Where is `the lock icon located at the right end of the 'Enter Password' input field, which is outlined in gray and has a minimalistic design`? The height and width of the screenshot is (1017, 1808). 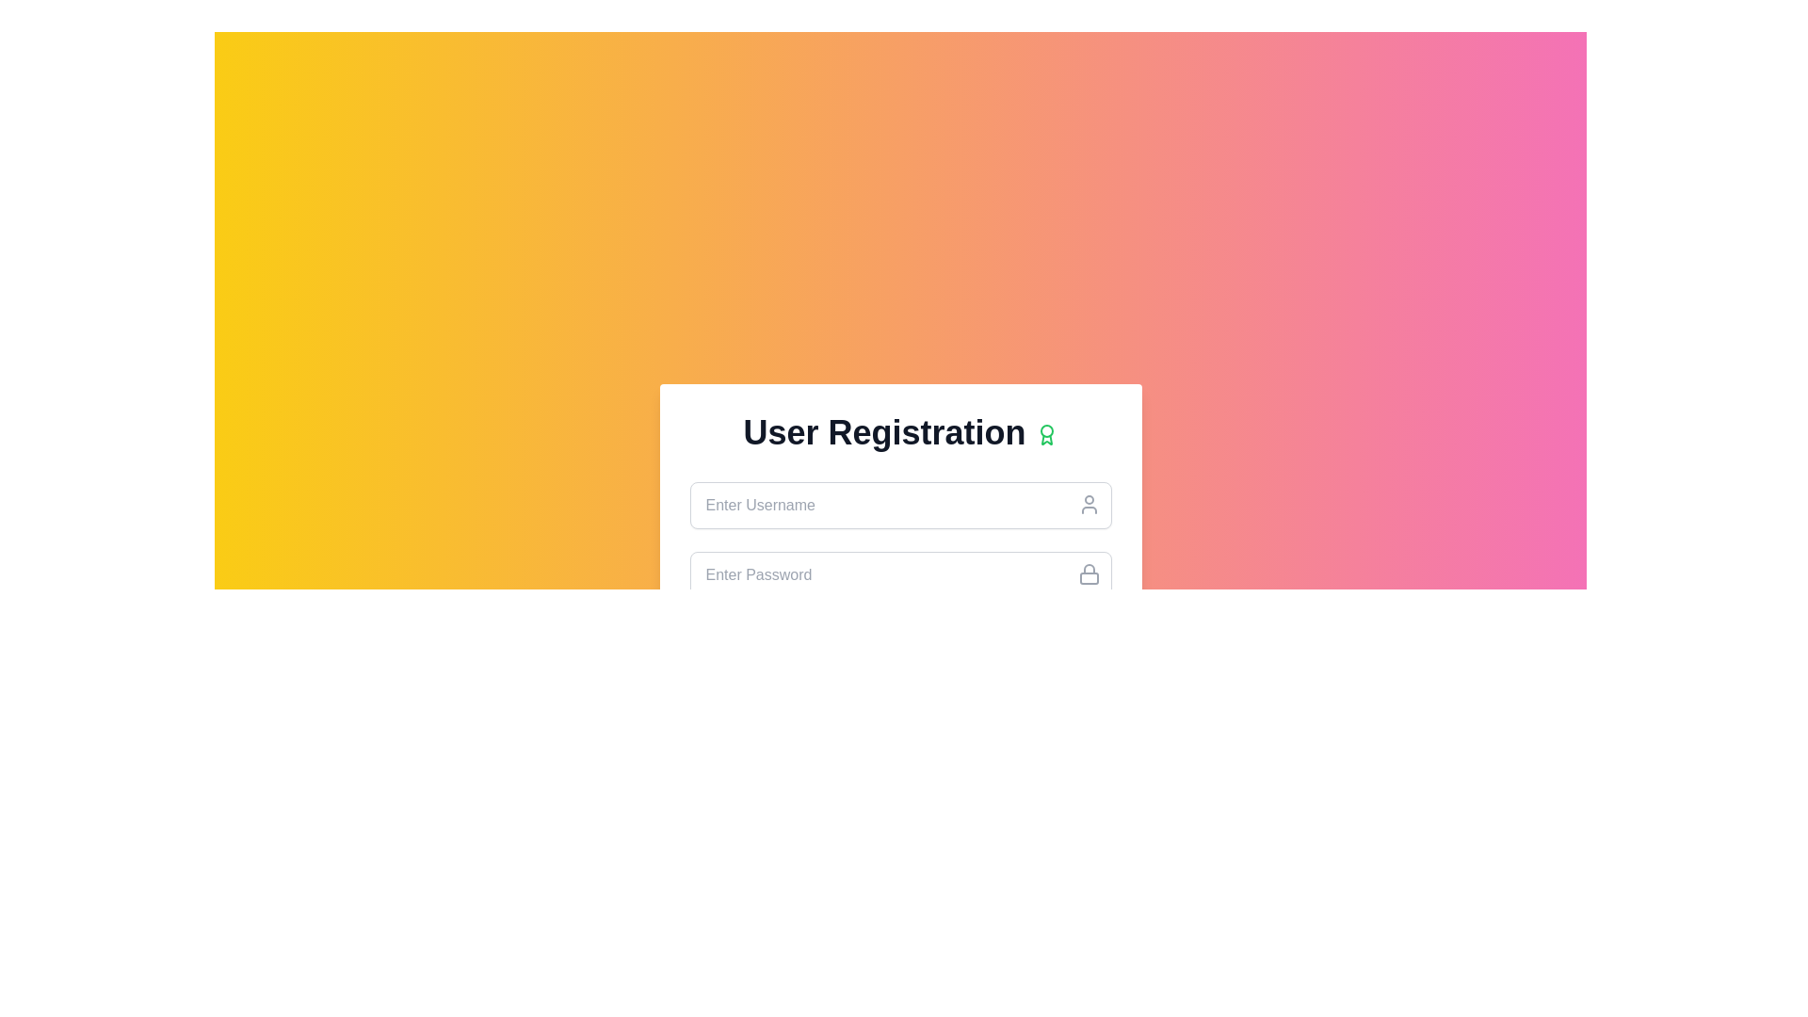 the lock icon located at the right end of the 'Enter Password' input field, which is outlined in gray and has a minimalistic design is located at coordinates (1089, 573).